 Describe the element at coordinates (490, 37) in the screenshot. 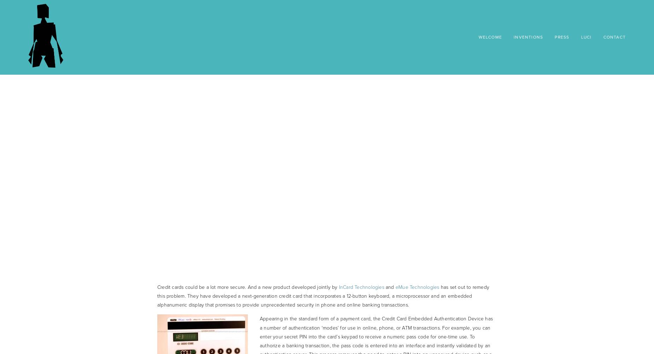

I see `'Welcome'` at that location.